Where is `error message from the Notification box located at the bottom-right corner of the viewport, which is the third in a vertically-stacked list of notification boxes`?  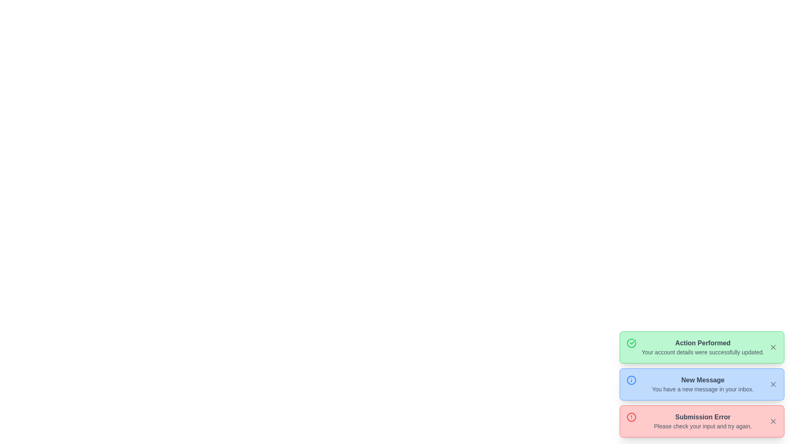 error message from the Notification box located at the bottom-right corner of the viewport, which is the third in a vertically-stacked list of notification boxes is located at coordinates (702, 421).